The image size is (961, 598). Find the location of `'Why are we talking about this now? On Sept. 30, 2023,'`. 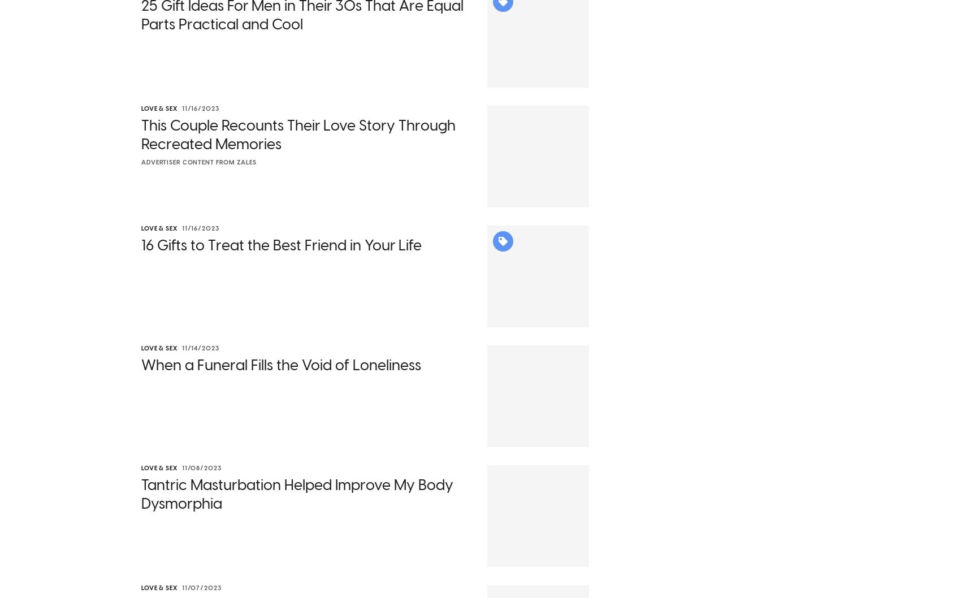

'Why are we talking about this now? On Sept. 30, 2023,' is located at coordinates (261, 234).